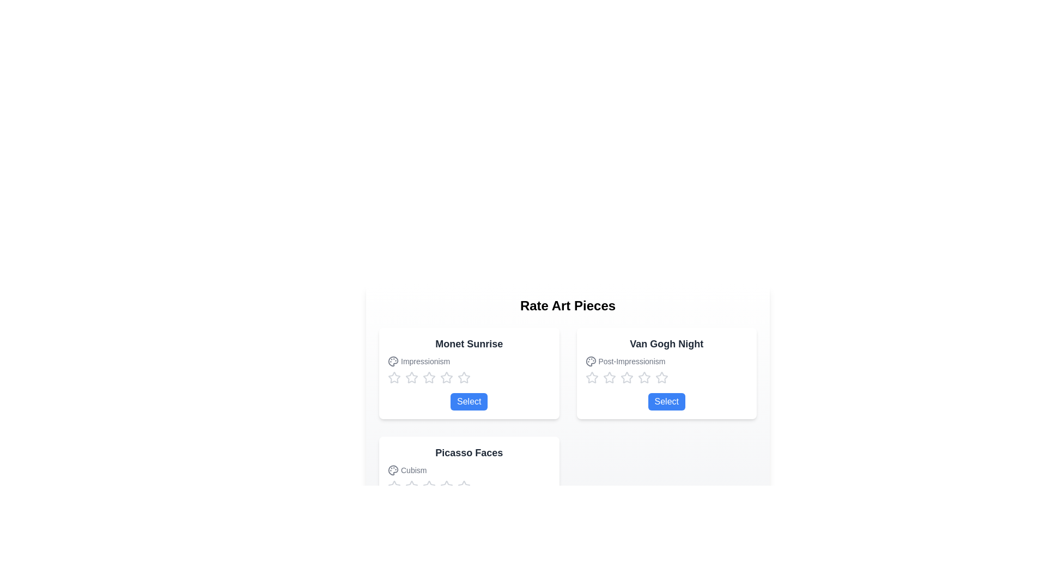 The image size is (1046, 588). What do you see at coordinates (469, 344) in the screenshot?
I see `the title or heading of the card located in the top-left corner of the grid, which identifies the associated art piece` at bounding box center [469, 344].